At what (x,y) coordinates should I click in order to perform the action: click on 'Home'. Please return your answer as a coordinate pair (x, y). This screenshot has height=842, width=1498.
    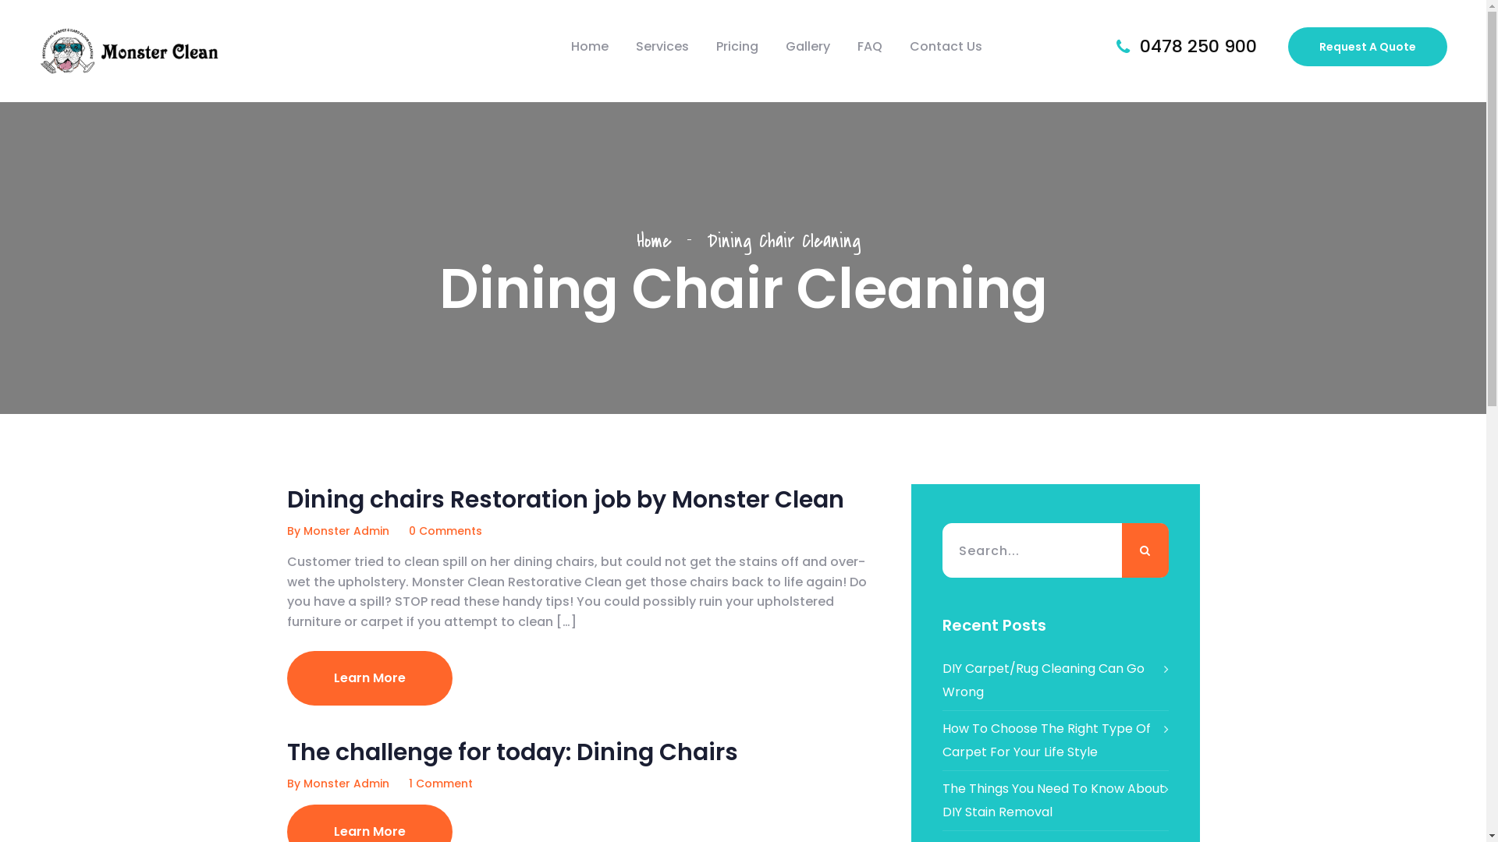
    Looking at the image, I should click on (588, 46).